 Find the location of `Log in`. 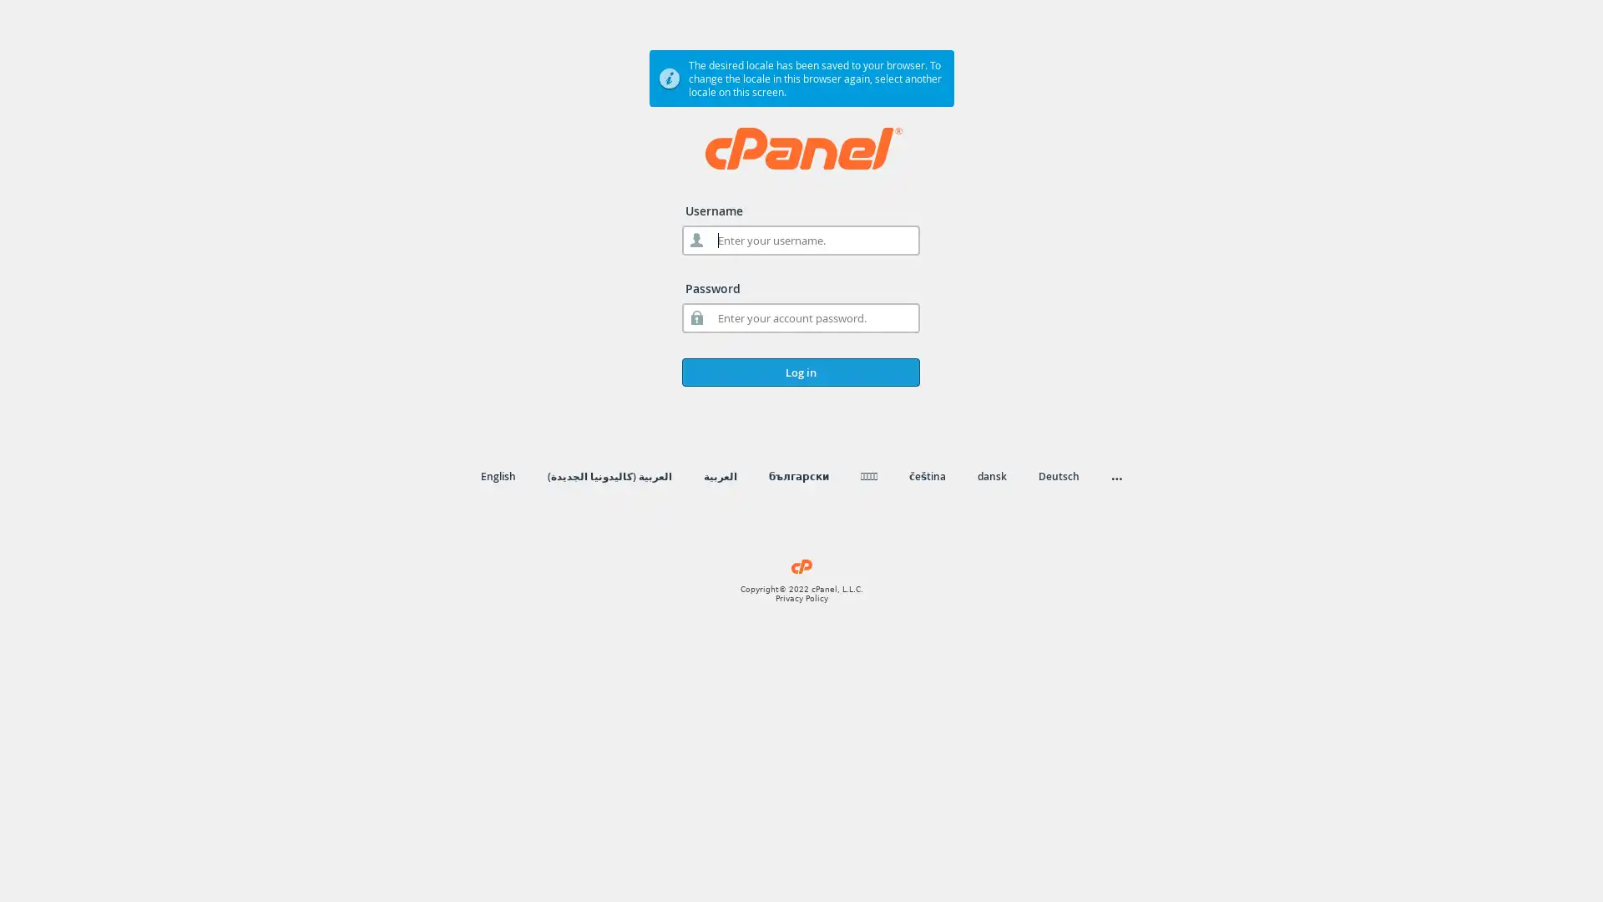

Log in is located at coordinates (800, 372).